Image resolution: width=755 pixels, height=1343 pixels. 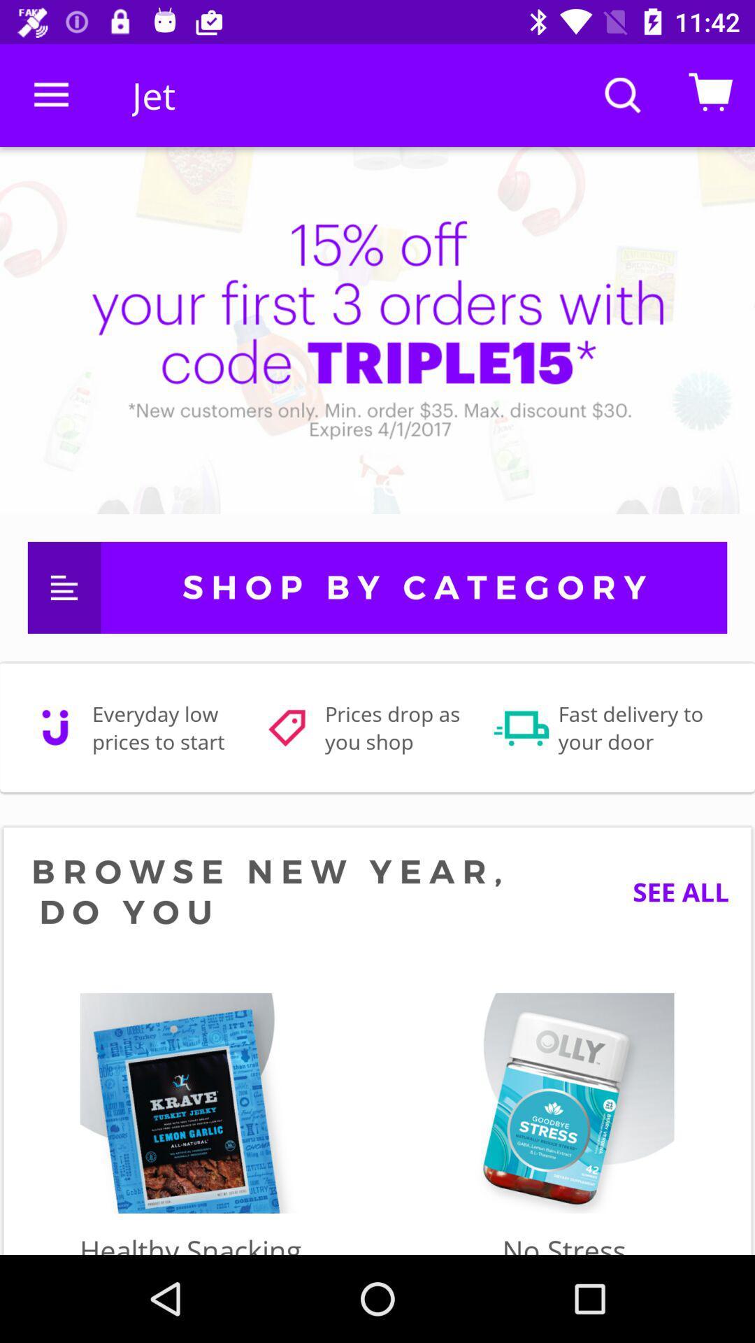 What do you see at coordinates (50, 94) in the screenshot?
I see `item next to jet icon` at bounding box center [50, 94].